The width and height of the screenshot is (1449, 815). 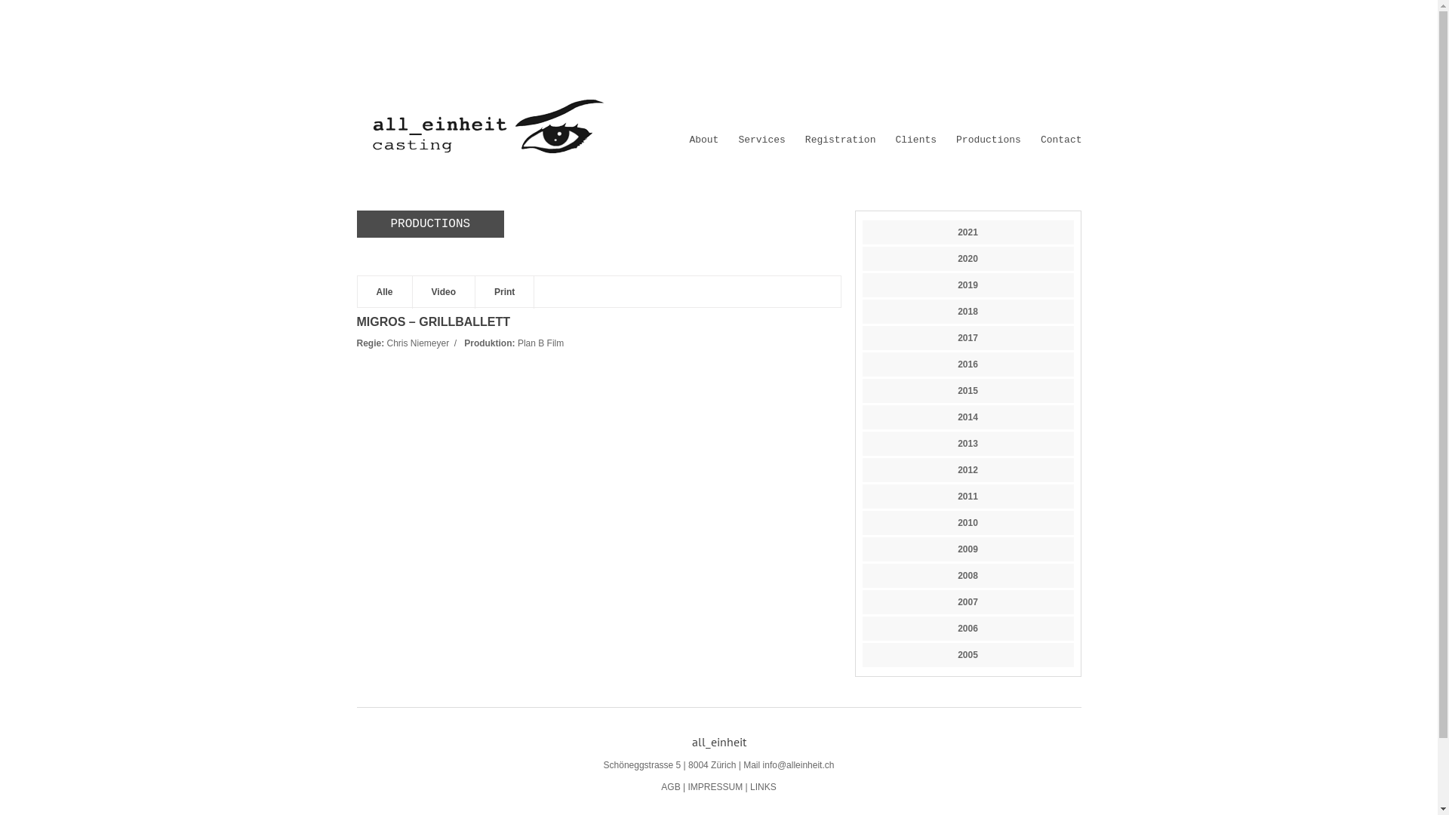 I want to click on '2012', so click(x=968, y=469).